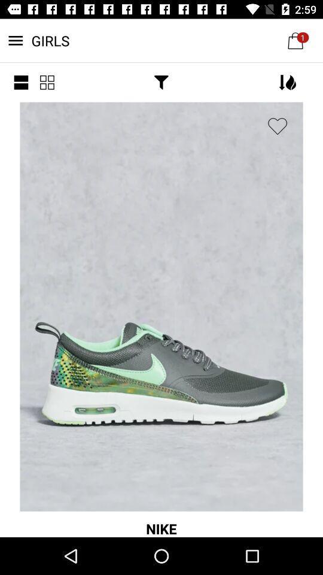 This screenshot has height=575, width=323. What do you see at coordinates (21, 81) in the screenshot?
I see `icon next to the girls icon` at bounding box center [21, 81].